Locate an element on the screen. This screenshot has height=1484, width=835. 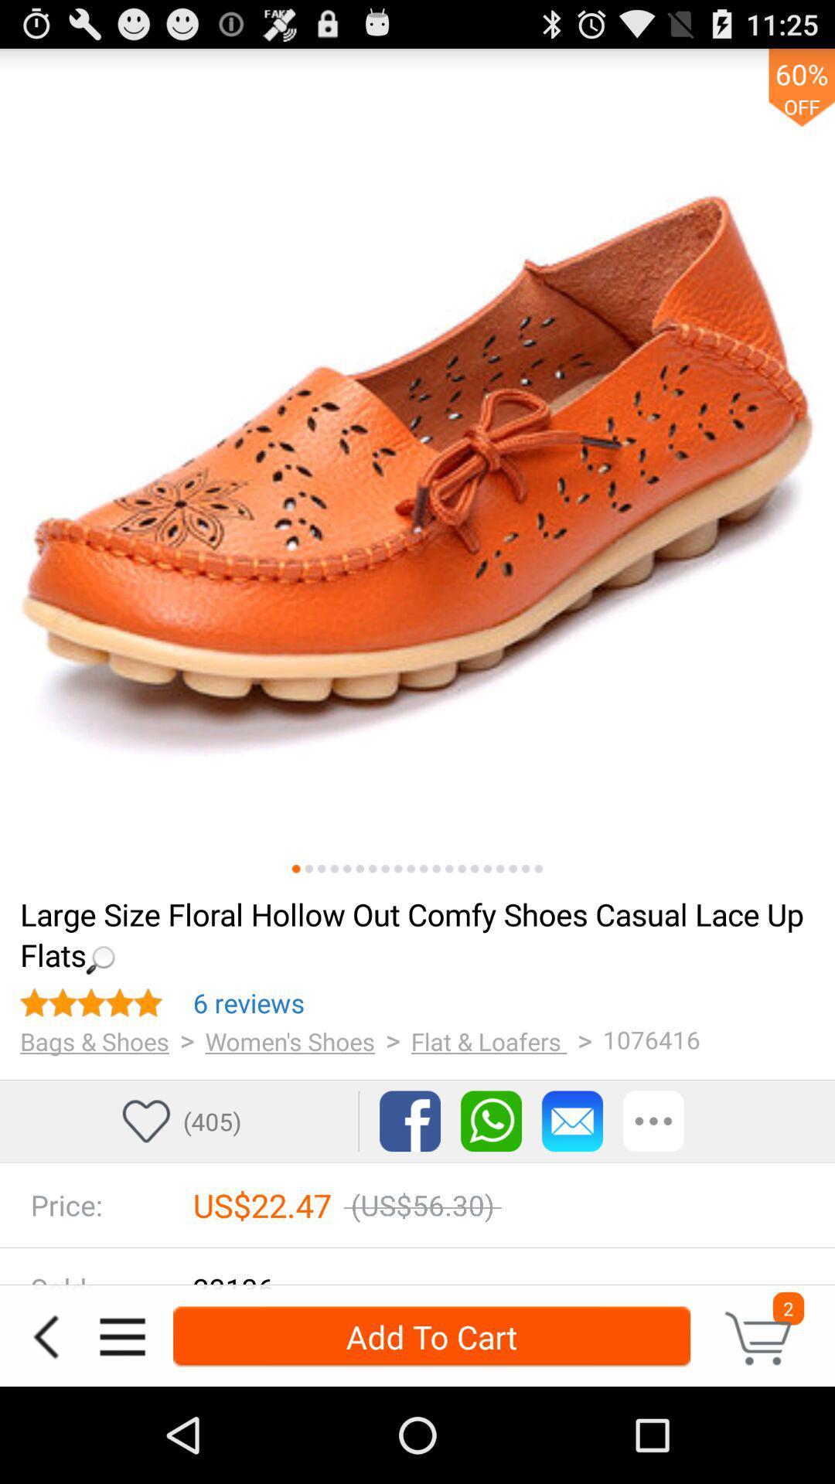
this image is located at coordinates (410, 869).